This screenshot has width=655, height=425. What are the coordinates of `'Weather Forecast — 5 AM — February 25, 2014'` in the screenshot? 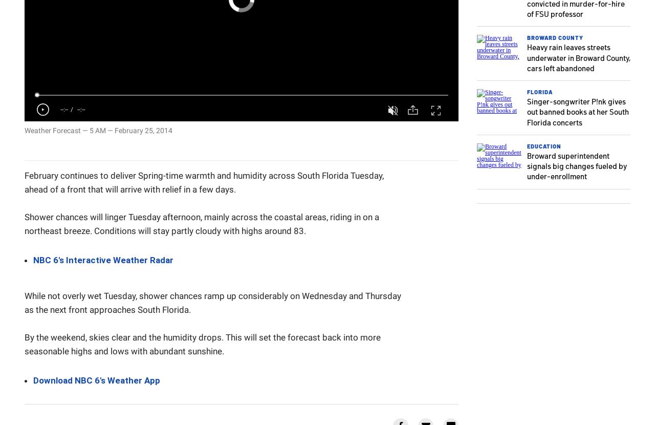 It's located at (98, 130).